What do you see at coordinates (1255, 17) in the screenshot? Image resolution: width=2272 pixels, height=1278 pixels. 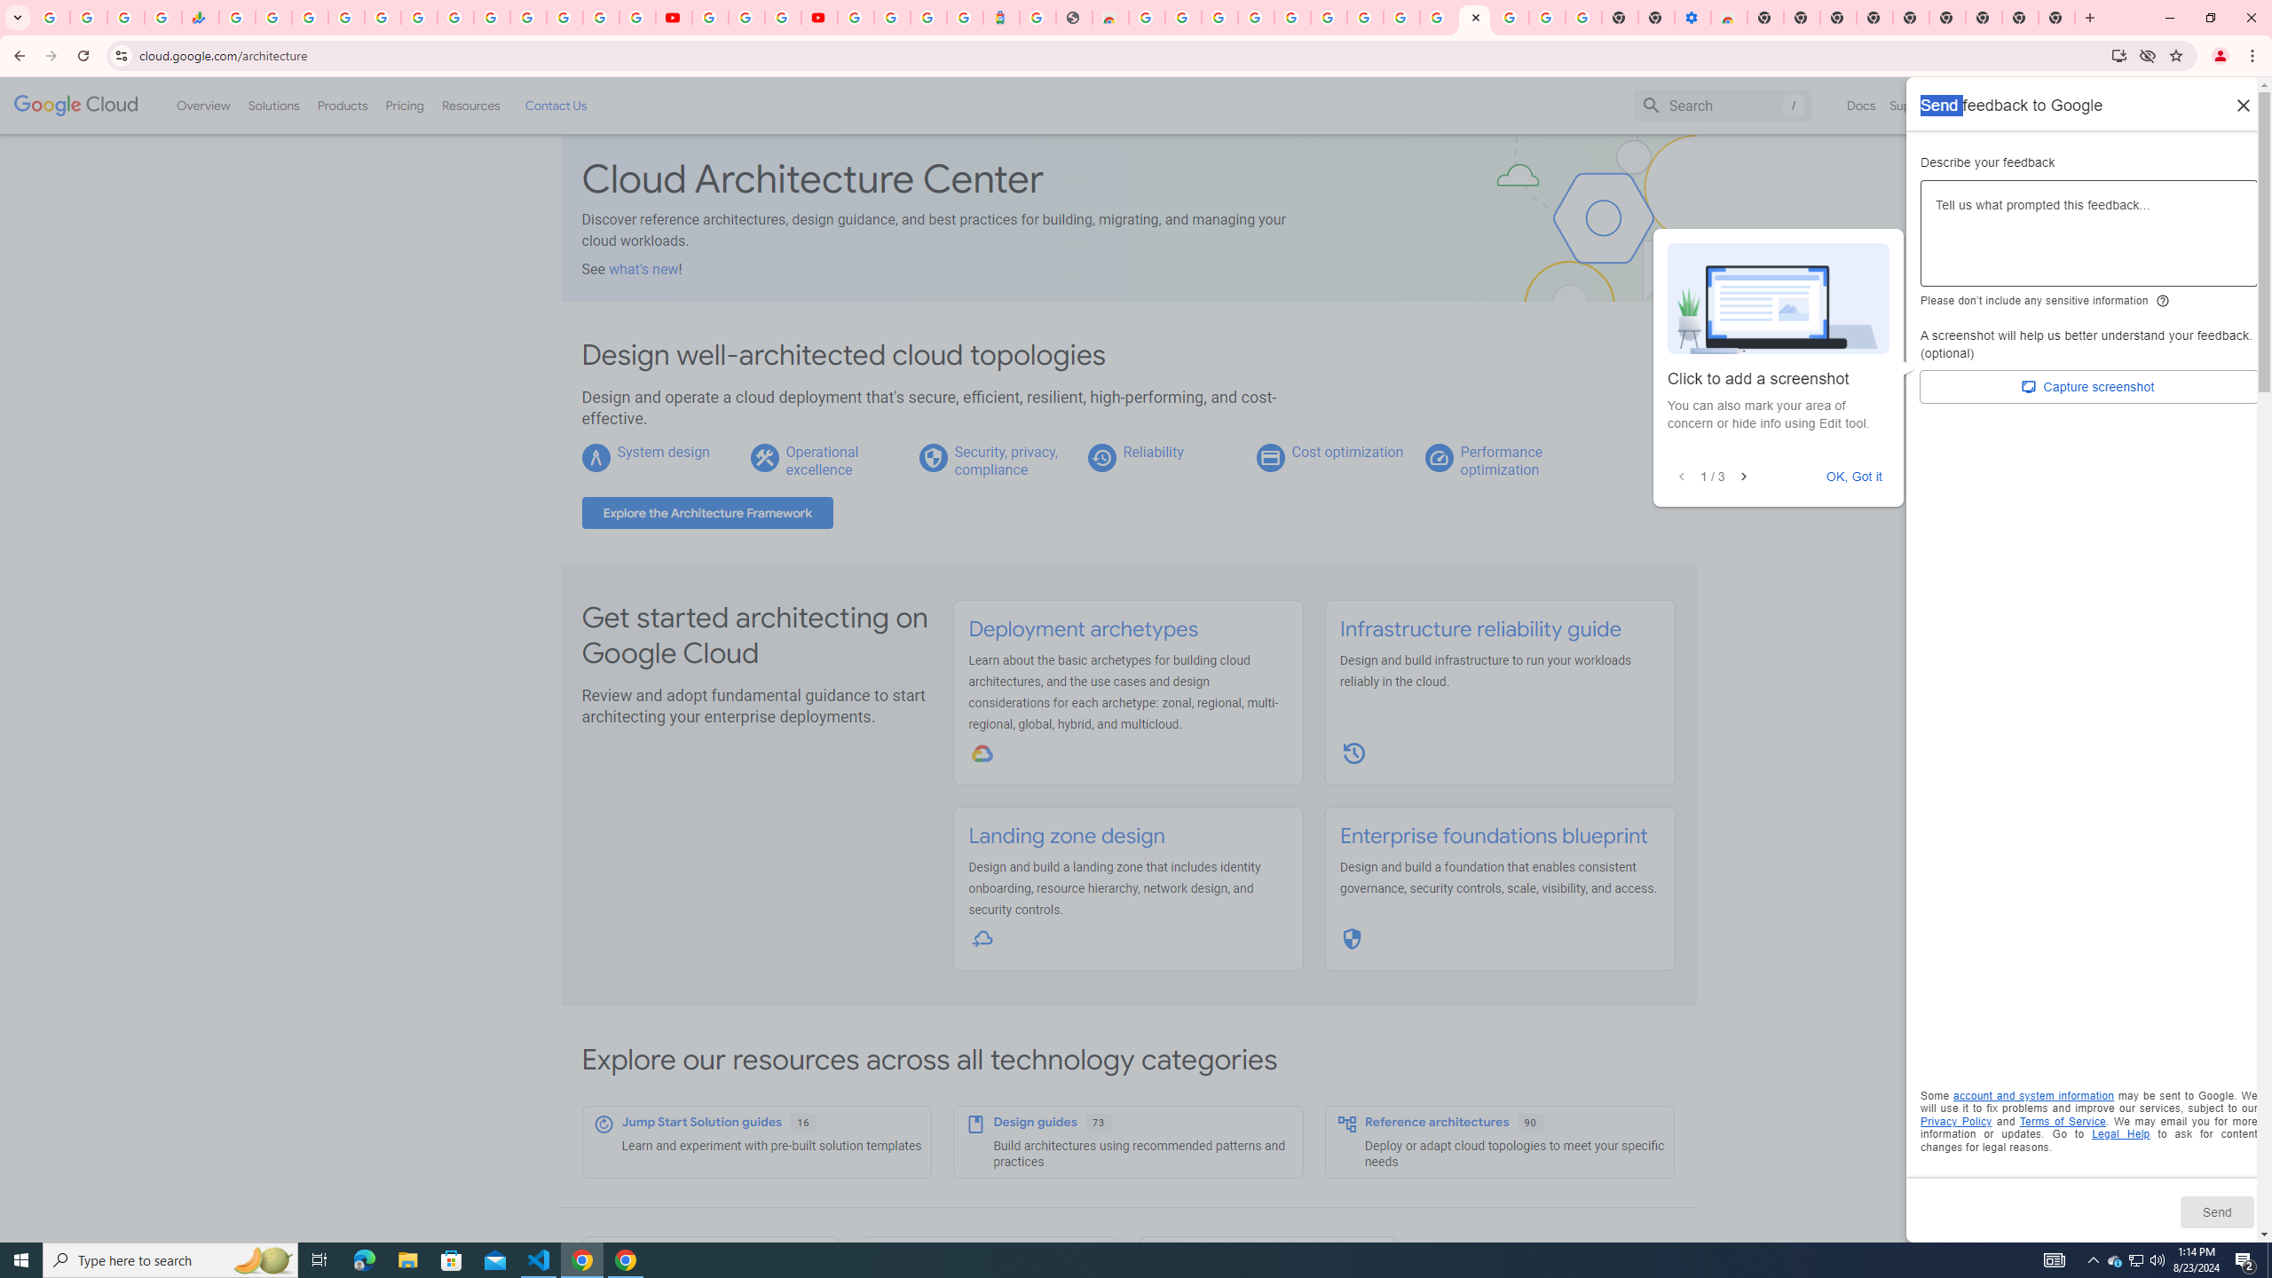 I see `'Ad Settings'` at bounding box center [1255, 17].